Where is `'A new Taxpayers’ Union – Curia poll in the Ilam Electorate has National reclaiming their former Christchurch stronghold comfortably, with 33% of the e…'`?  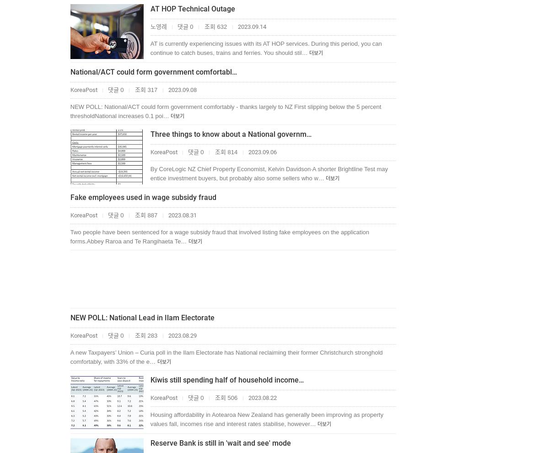 'A new Taxpayers’ Union – Curia poll in the Ilam Electorate has National reclaiming their former Christchurch stronghold comfortably, with 33% of the e…' is located at coordinates (226, 357).